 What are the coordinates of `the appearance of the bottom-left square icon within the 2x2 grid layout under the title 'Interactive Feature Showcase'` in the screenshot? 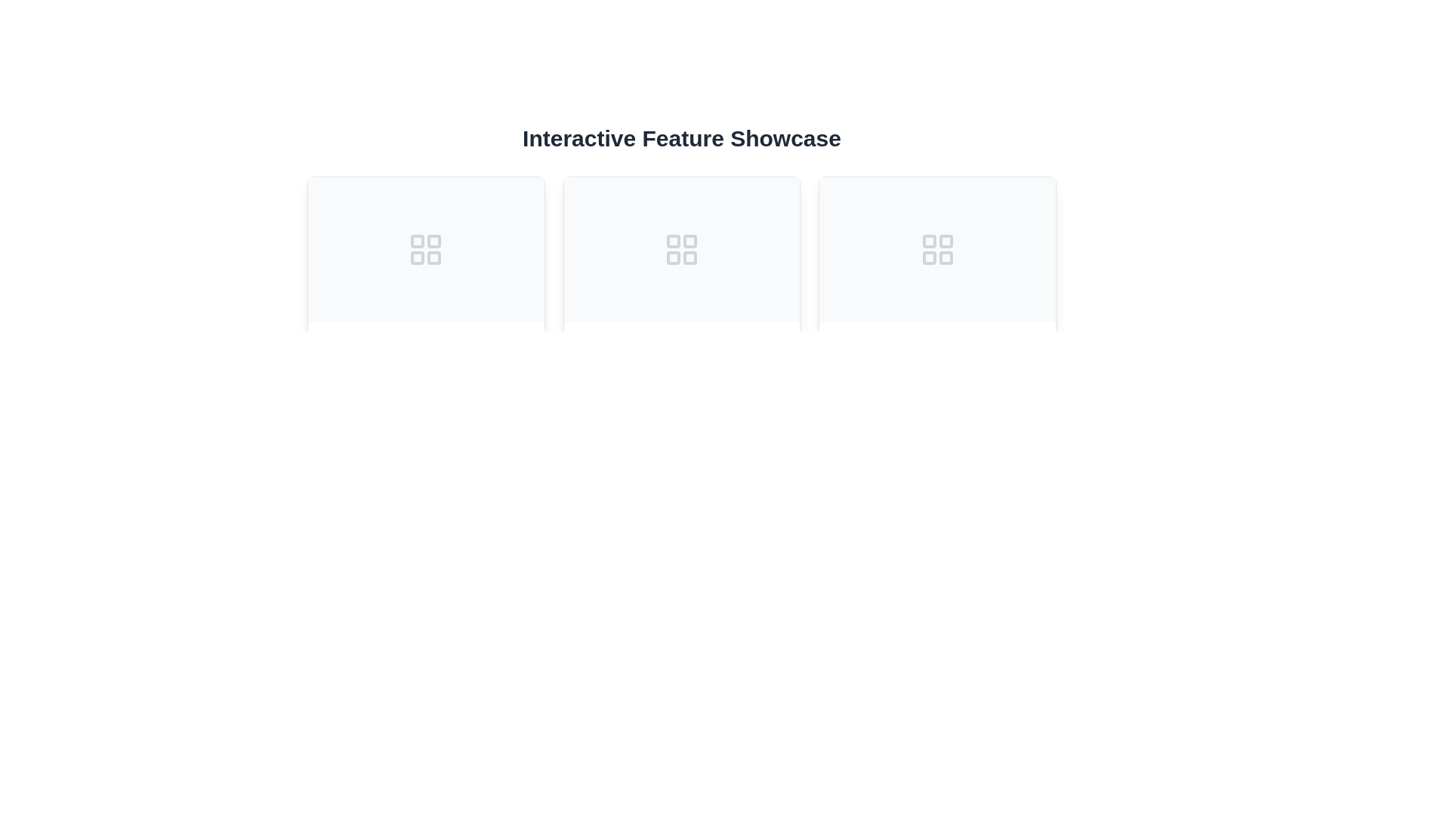 It's located at (418, 257).